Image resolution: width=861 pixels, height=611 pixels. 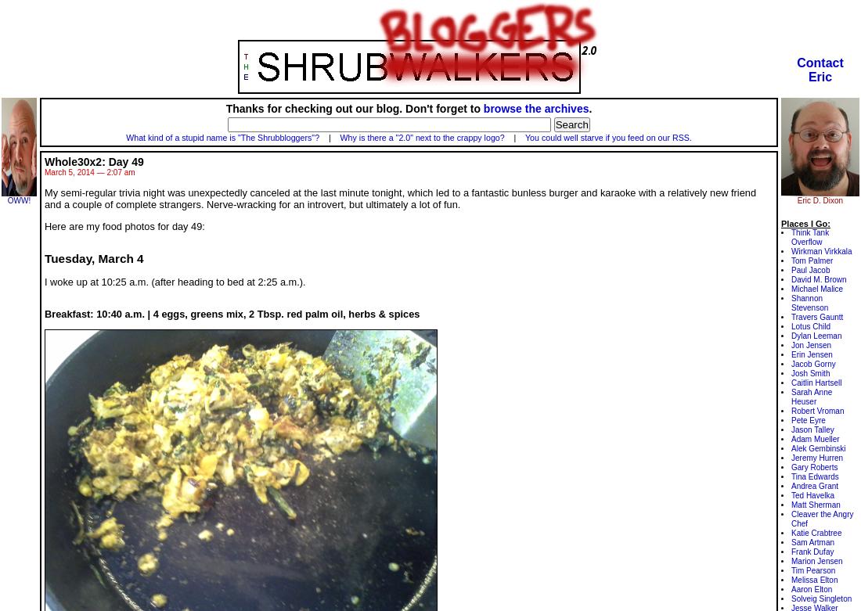 I want to click on 'Marion Jensen', so click(x=816, y=560).